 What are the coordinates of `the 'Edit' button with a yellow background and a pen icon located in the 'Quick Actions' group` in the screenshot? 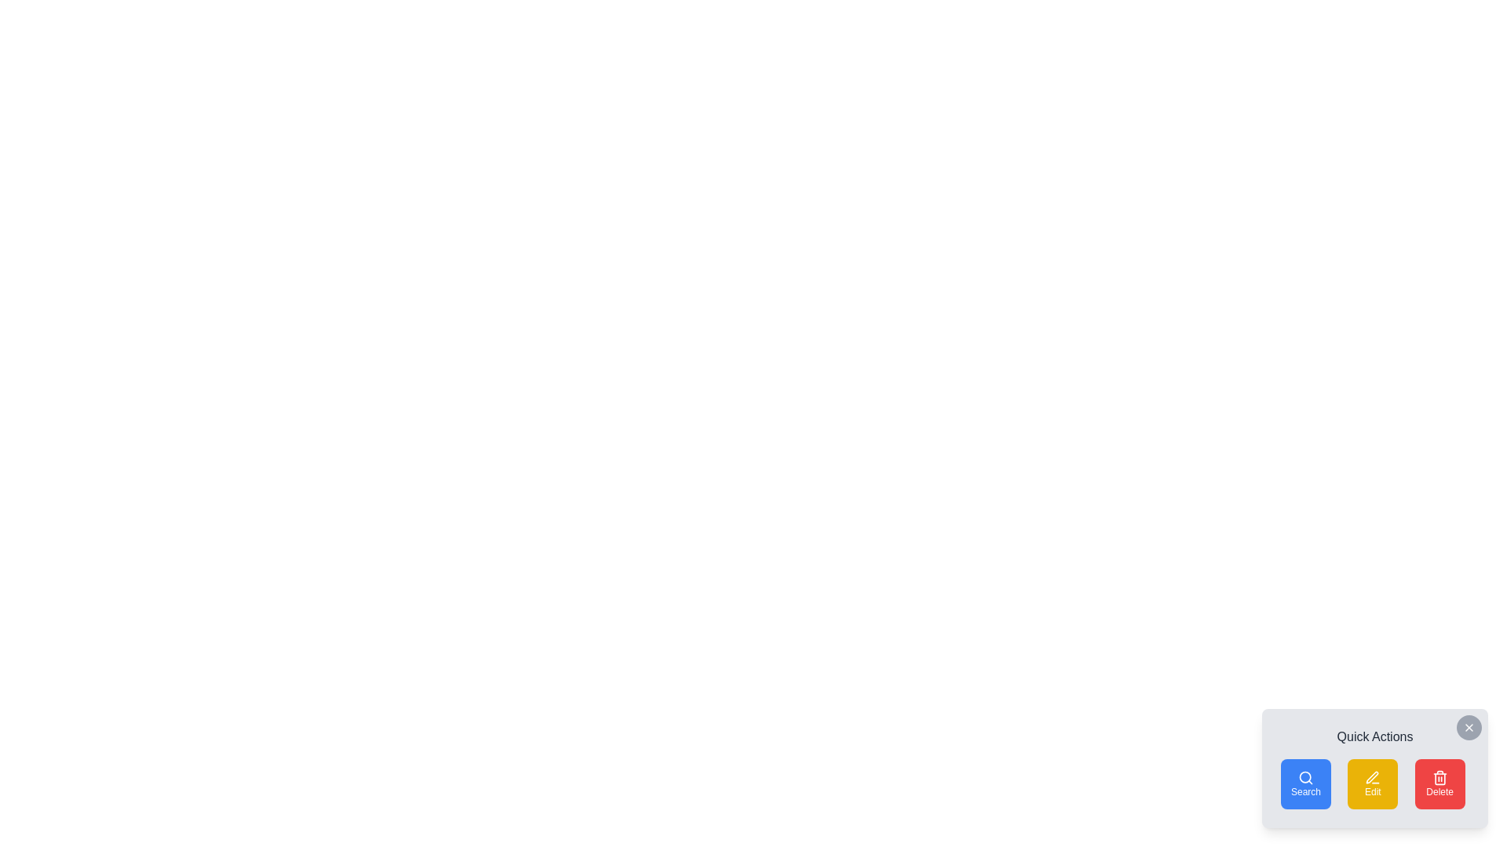 It's located at (1372, 783).